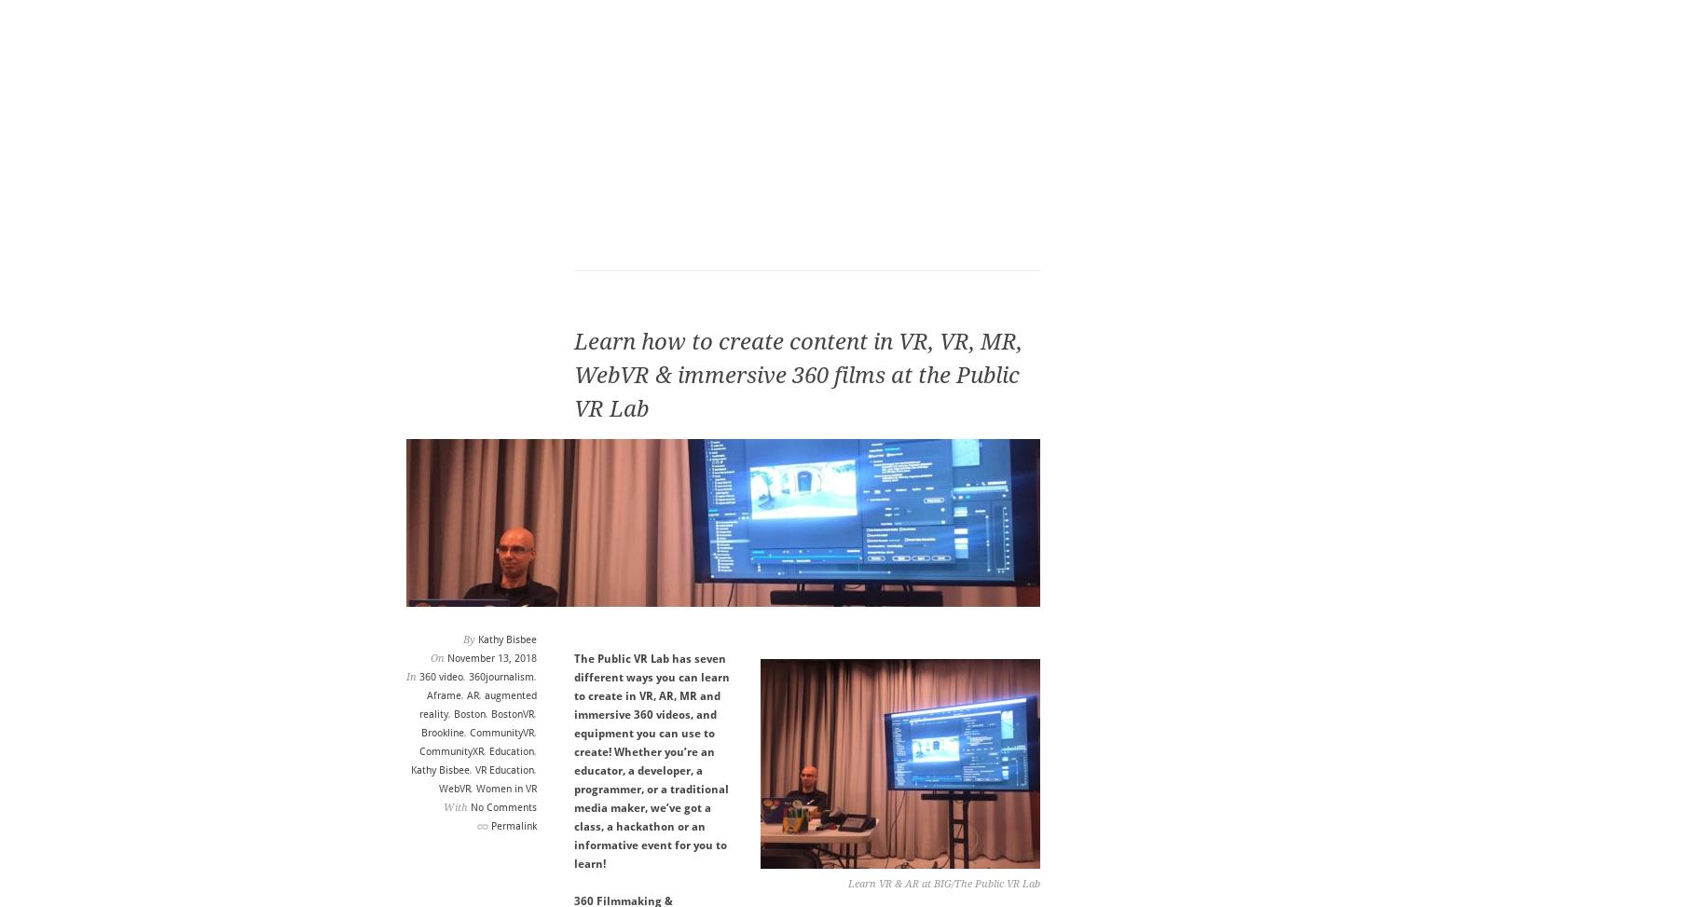 The height and width of the screenshot is (907, 1688). Describe the element at coordinates (510, 750) in the screenshot. I see `'Education'` at that location.